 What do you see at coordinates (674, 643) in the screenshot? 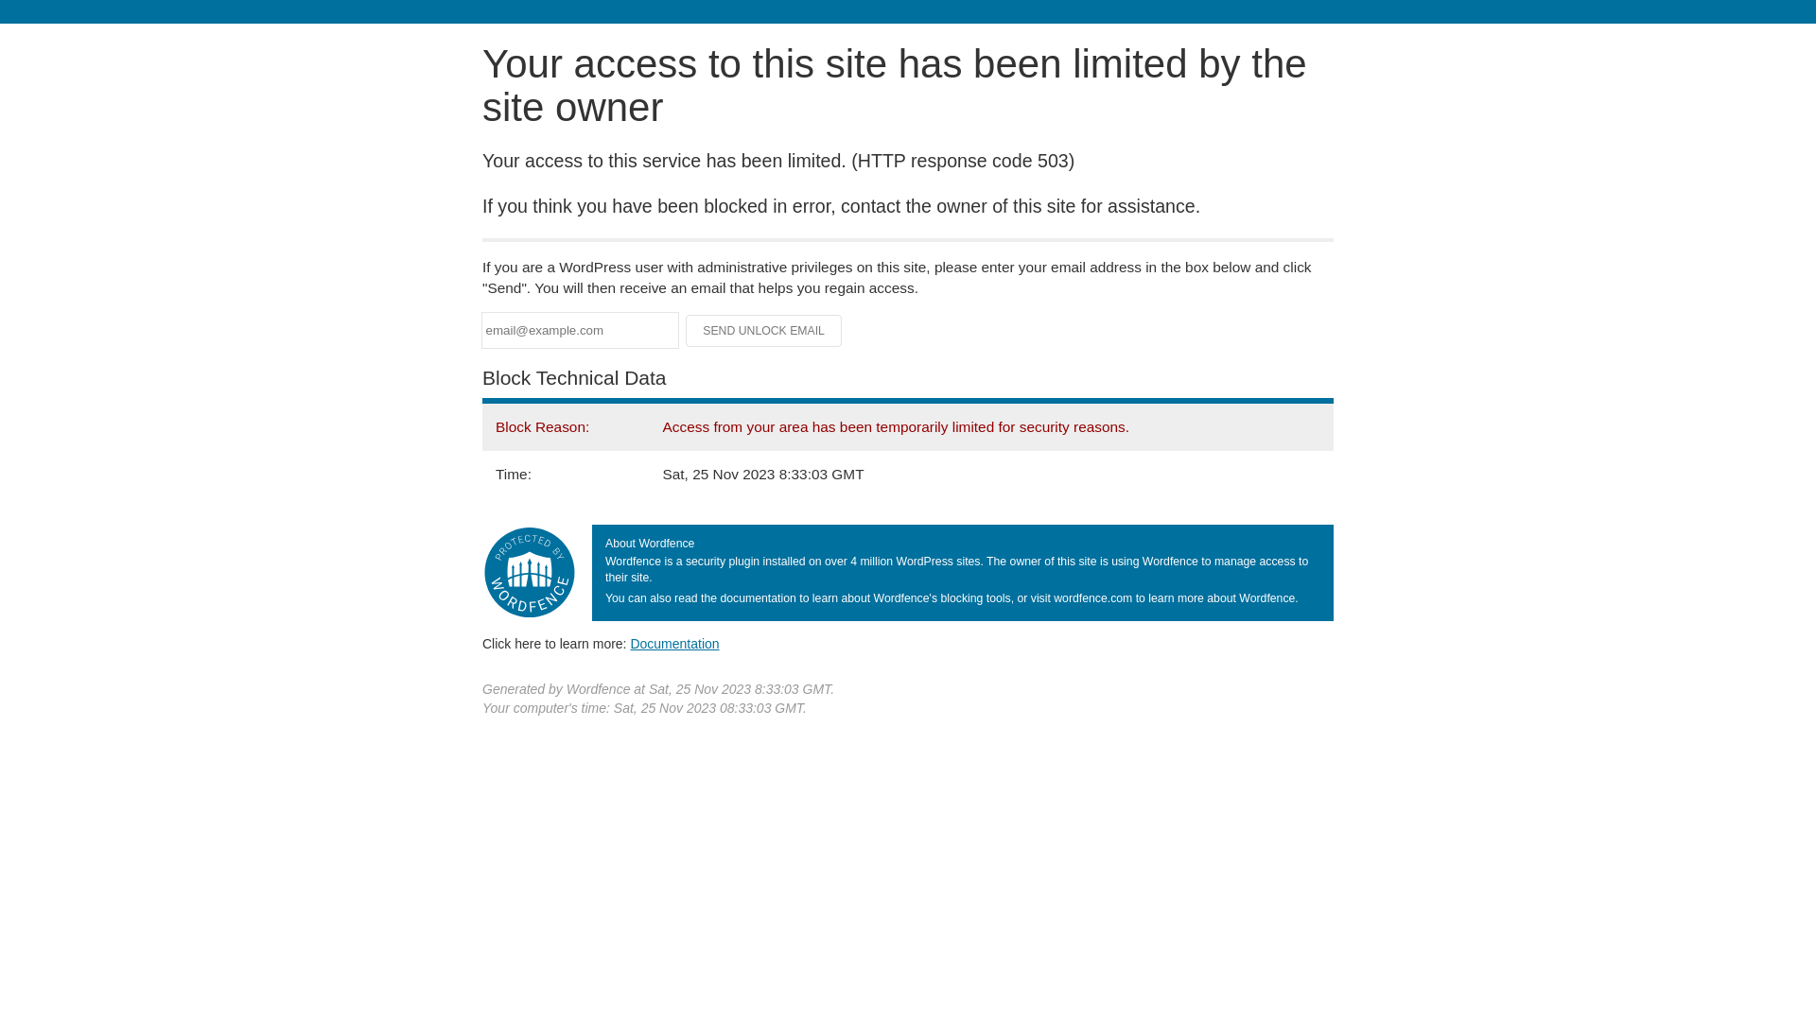
I see `'Documentation'` at bounding box center [674, 643].